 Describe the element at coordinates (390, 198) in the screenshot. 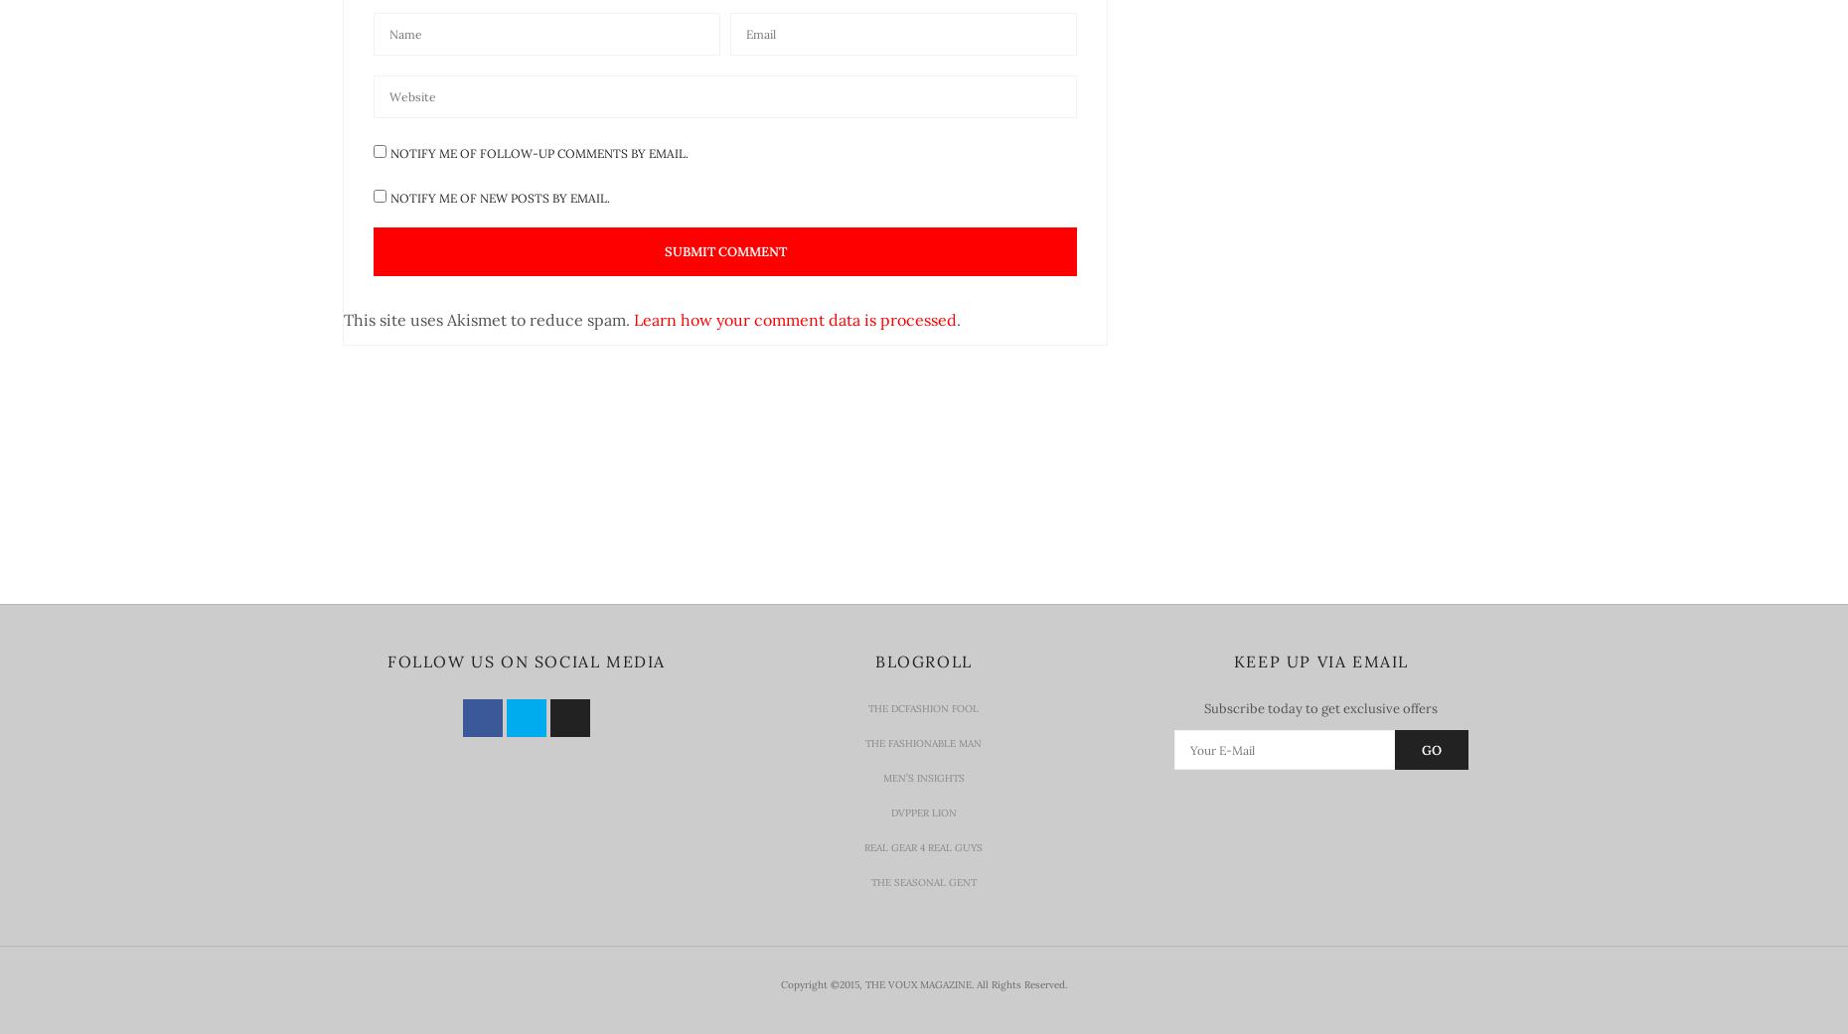

I see `'Notify me of new posts by email.'` at that location.